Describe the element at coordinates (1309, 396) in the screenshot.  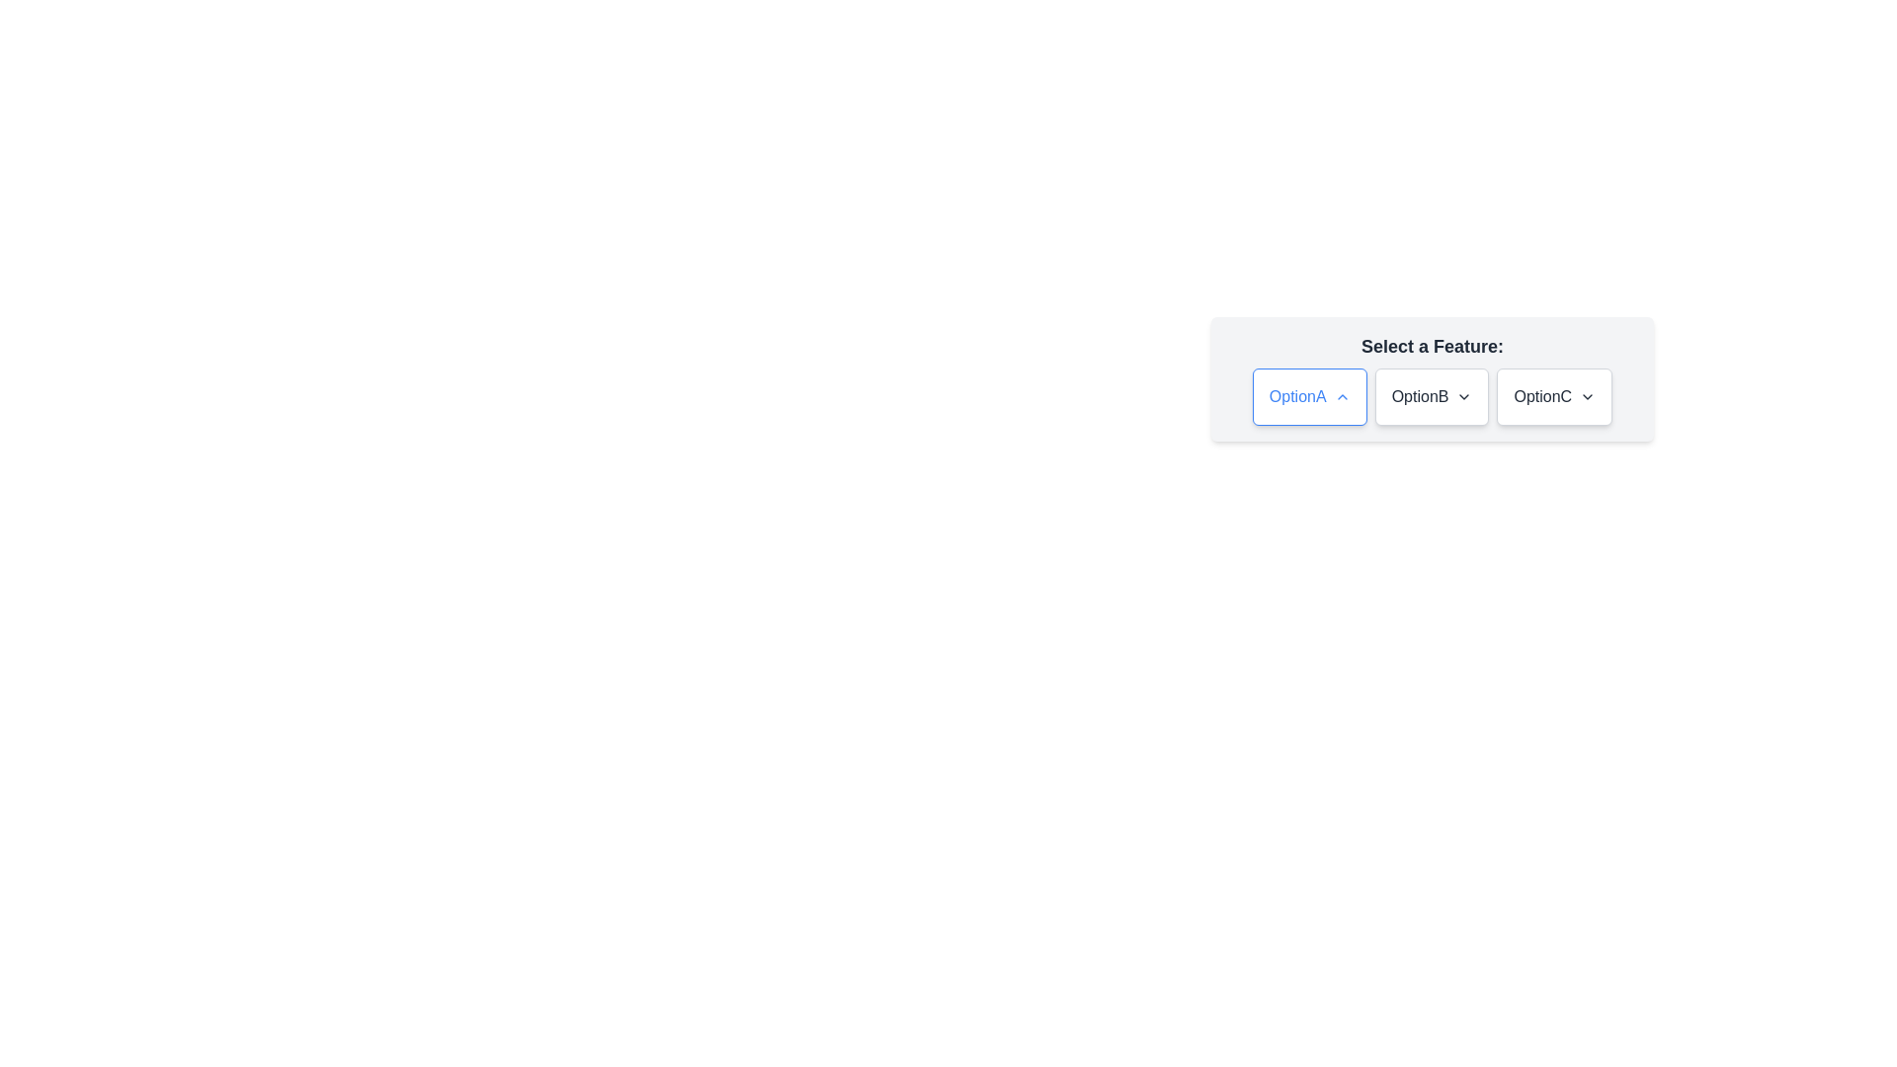
I see `the 'OptionA' button` at that location.